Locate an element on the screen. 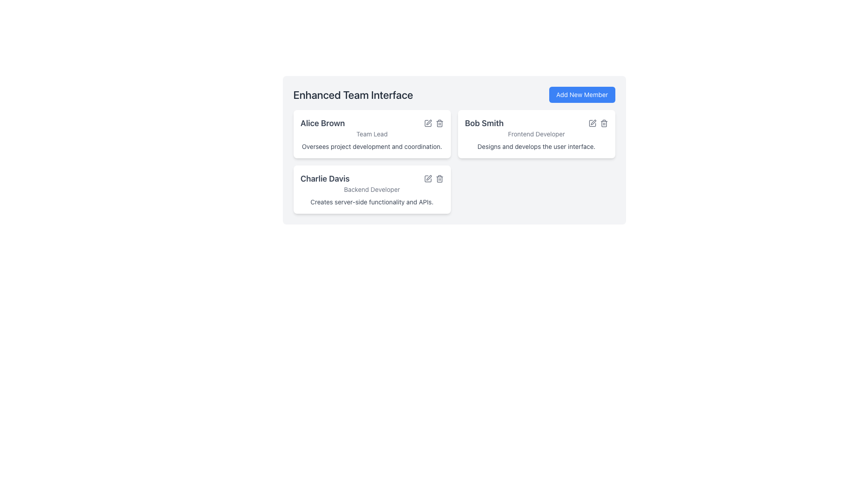  the Edit Button icon, which resembles a pen, located within the card of 'Alice Brown' is located at coordinates (428, 122).